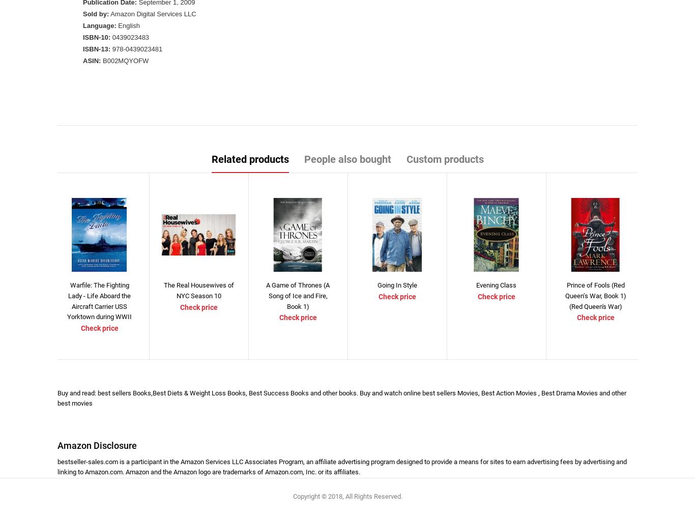 Image resolution: width=695 pixels, height=514 pixels. I want to click on 'Language:', so click(99, 25).